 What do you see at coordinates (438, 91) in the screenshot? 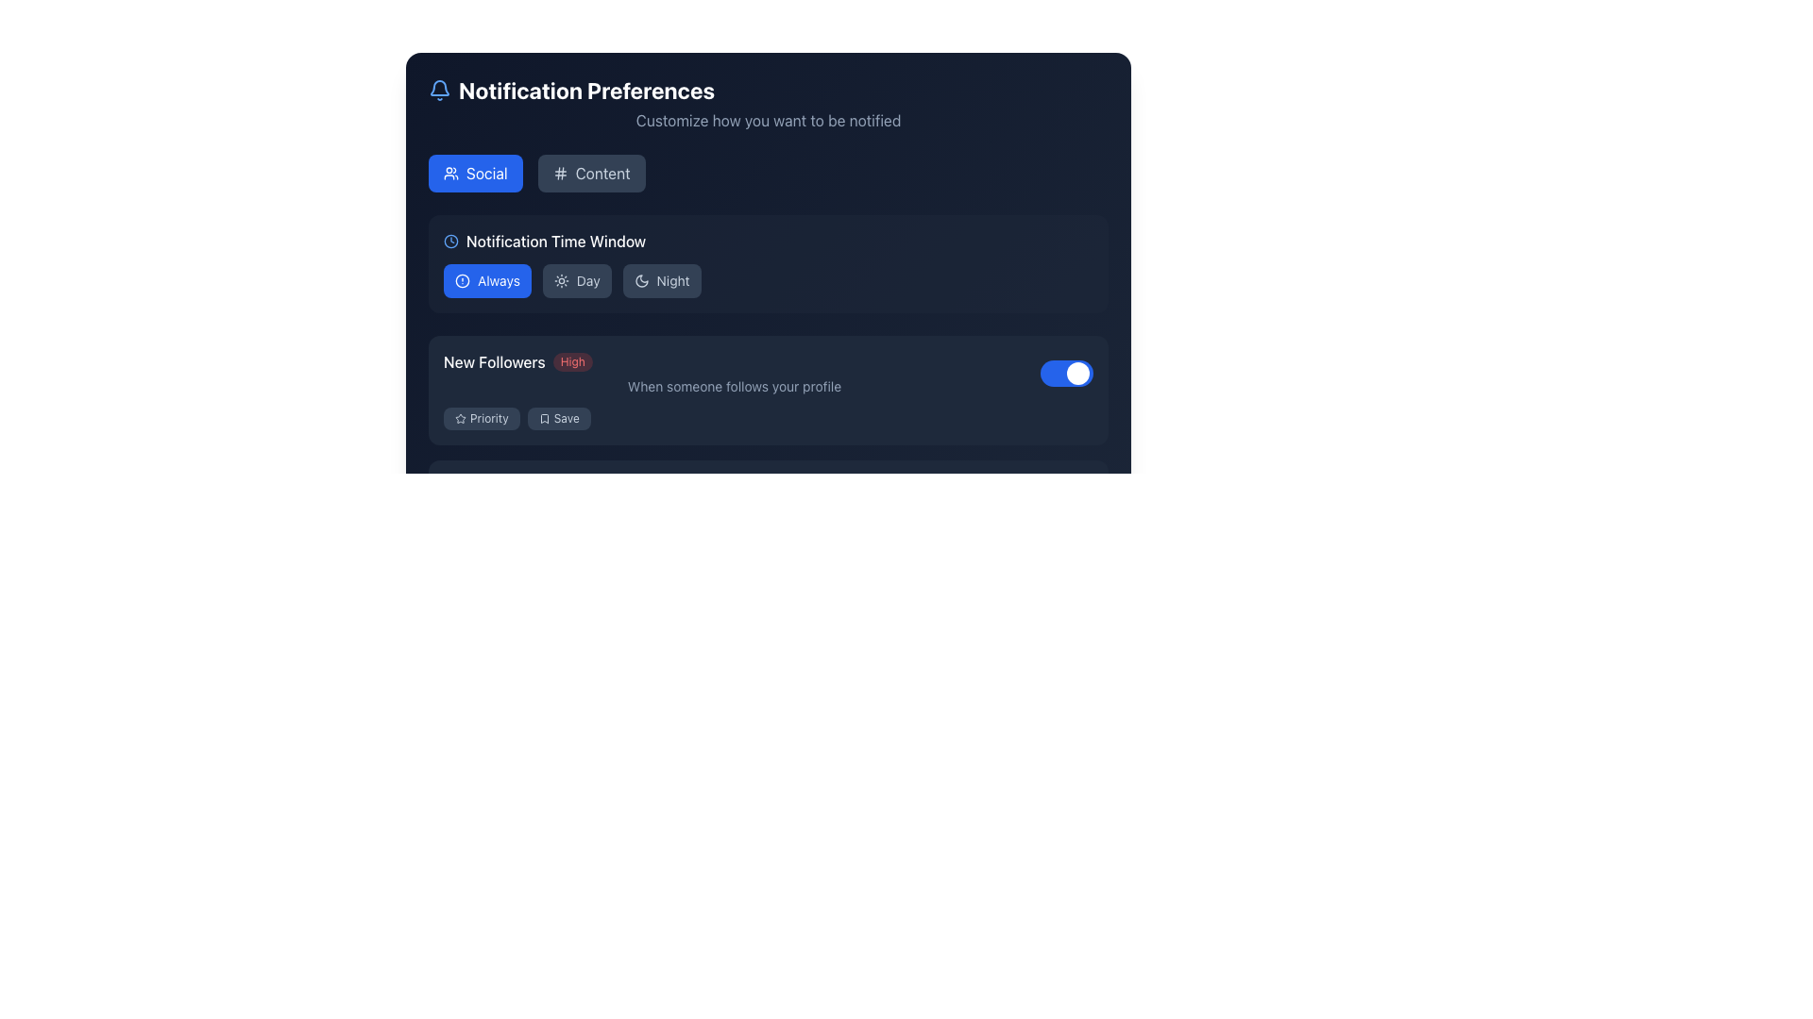
I see `the blue bell icon located to the left of the 'Notification Preferences' text for interaction` at bounding box center [438, 91].